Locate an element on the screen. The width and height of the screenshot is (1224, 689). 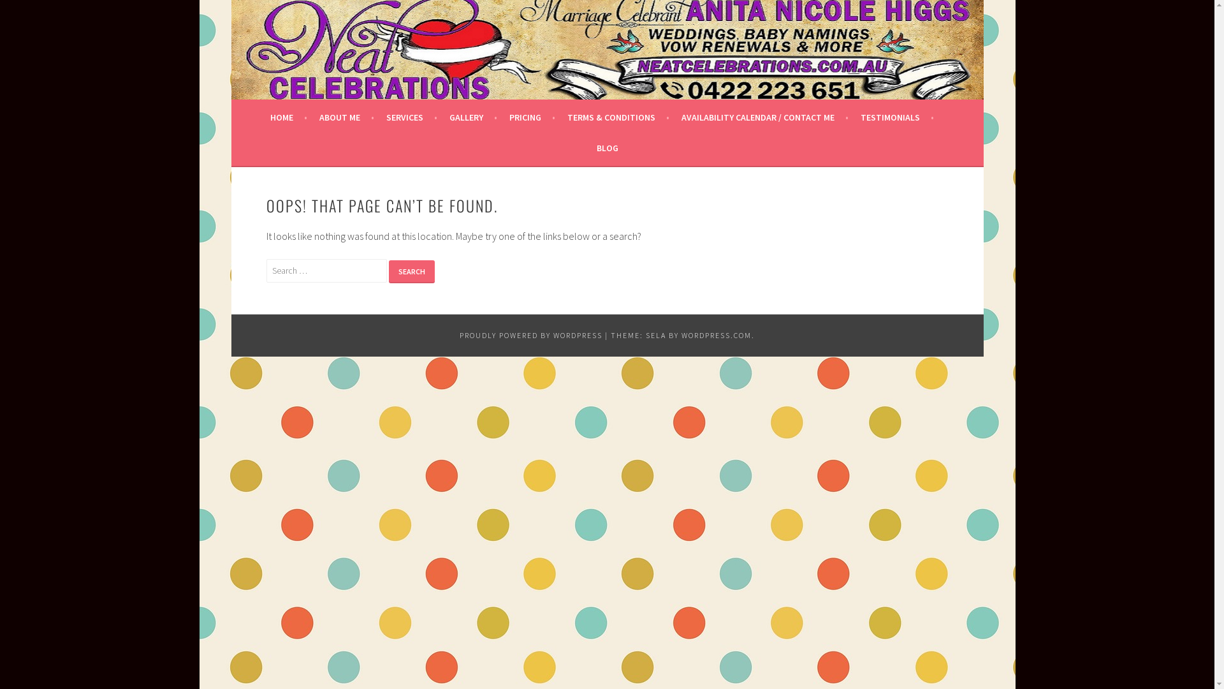
'WORDPRESS.COM' is located at coordinates (716, 334).